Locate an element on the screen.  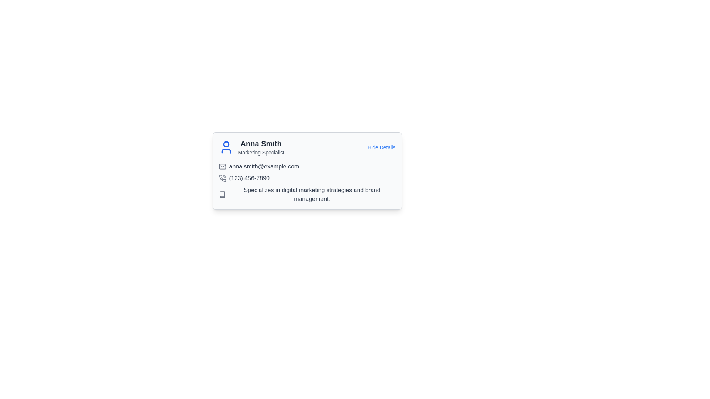
job title text located beneath 'Anna Smith' in the profile card layout, which indicates the professional role of the individual is located at coordinates (261, 152).